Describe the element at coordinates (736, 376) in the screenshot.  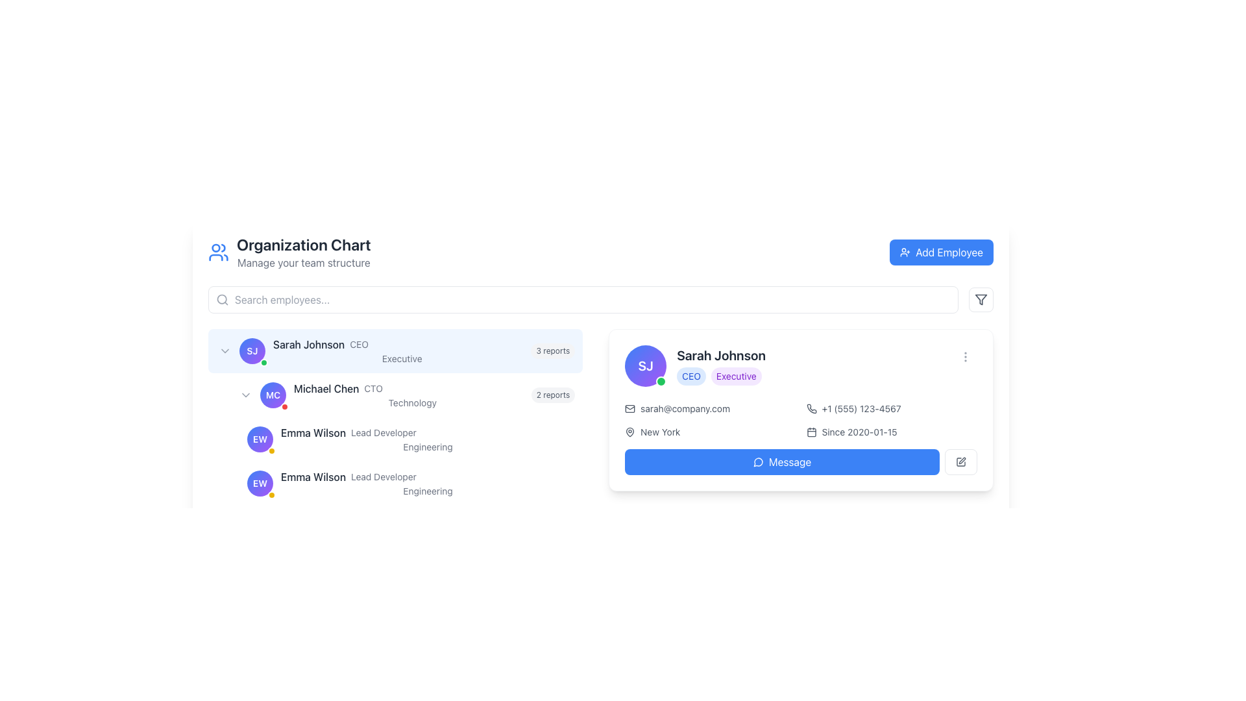
I see `the badge-style label displaying 'Executive' in purple font on a light purple background, located to the right of the 'CEO' label` at that location.